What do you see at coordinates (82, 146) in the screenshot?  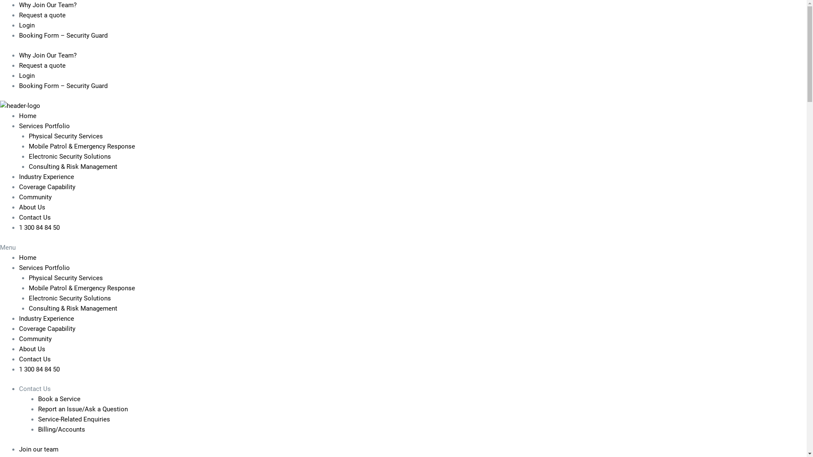 I see `'Mobile Patrol & Emergency Response'` at bounding box center [82, 146].